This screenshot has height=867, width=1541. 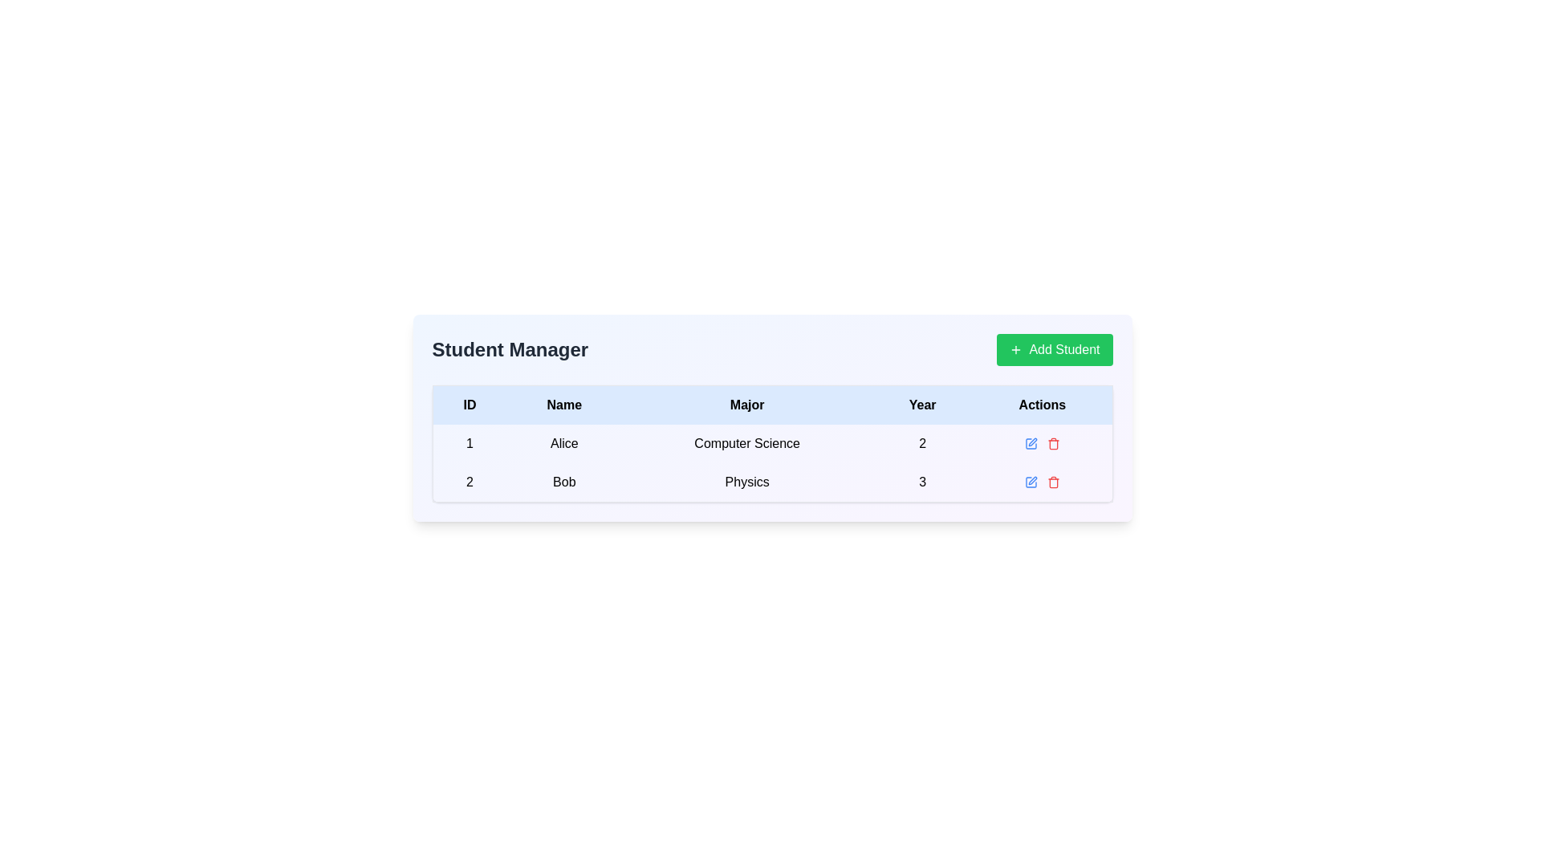 What do you see at coordinates (1015, 348) in the screenshot?
I see `the 'Add Student' icon, which is located to the left of the button text in the top-right corner of the interface` at bounding box center [1015, 348].